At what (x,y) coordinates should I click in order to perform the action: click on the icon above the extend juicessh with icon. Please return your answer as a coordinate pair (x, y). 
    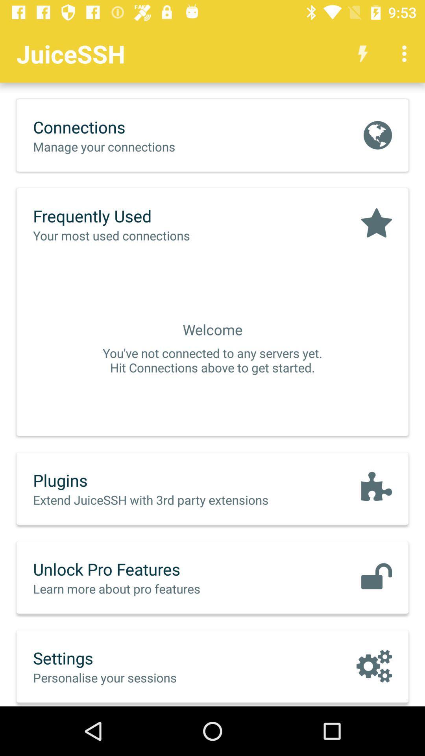
    Looking at the image, I should click on (167, 480).